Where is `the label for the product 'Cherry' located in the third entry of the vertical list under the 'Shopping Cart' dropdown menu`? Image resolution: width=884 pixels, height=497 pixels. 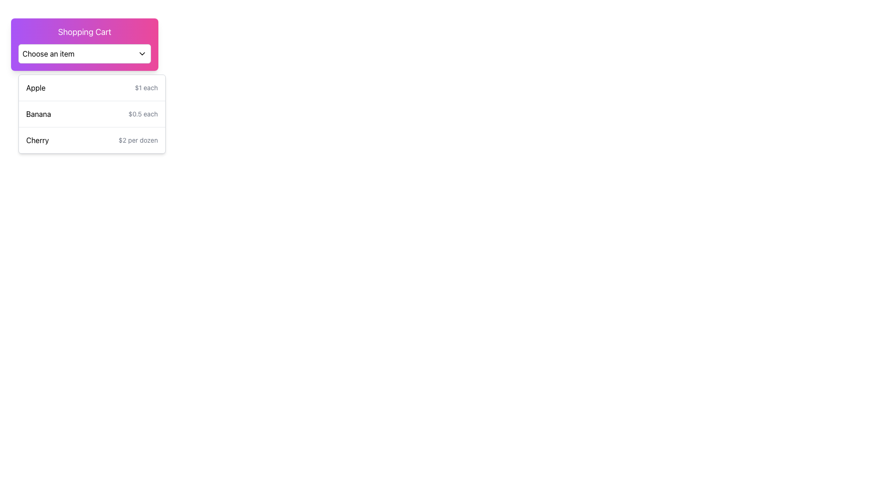 the label for the product 'Cherry' located in the third entry of the vertical list under the 'Shopping Cart' dropdown menu is located at coordinates (37, 140).